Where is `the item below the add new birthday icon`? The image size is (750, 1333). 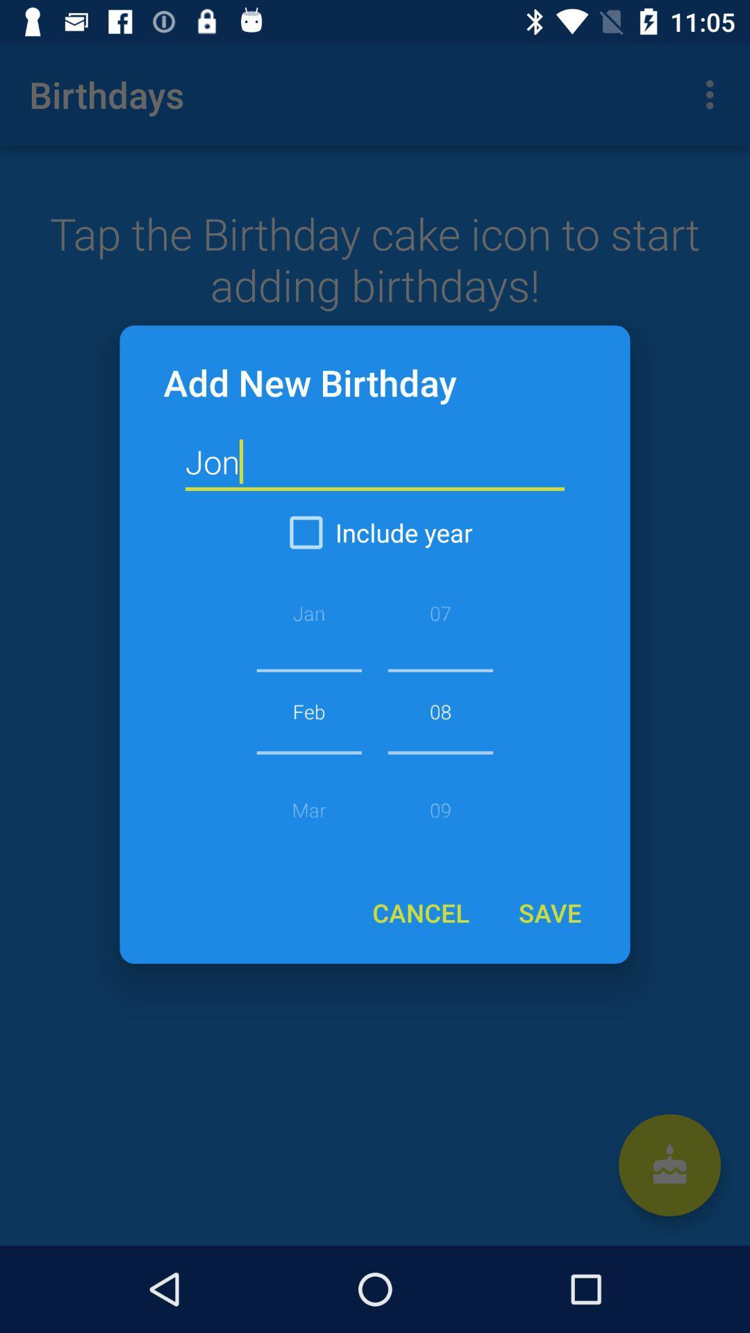 the item below the add new birthday icon is located at coordinates (375, 462).